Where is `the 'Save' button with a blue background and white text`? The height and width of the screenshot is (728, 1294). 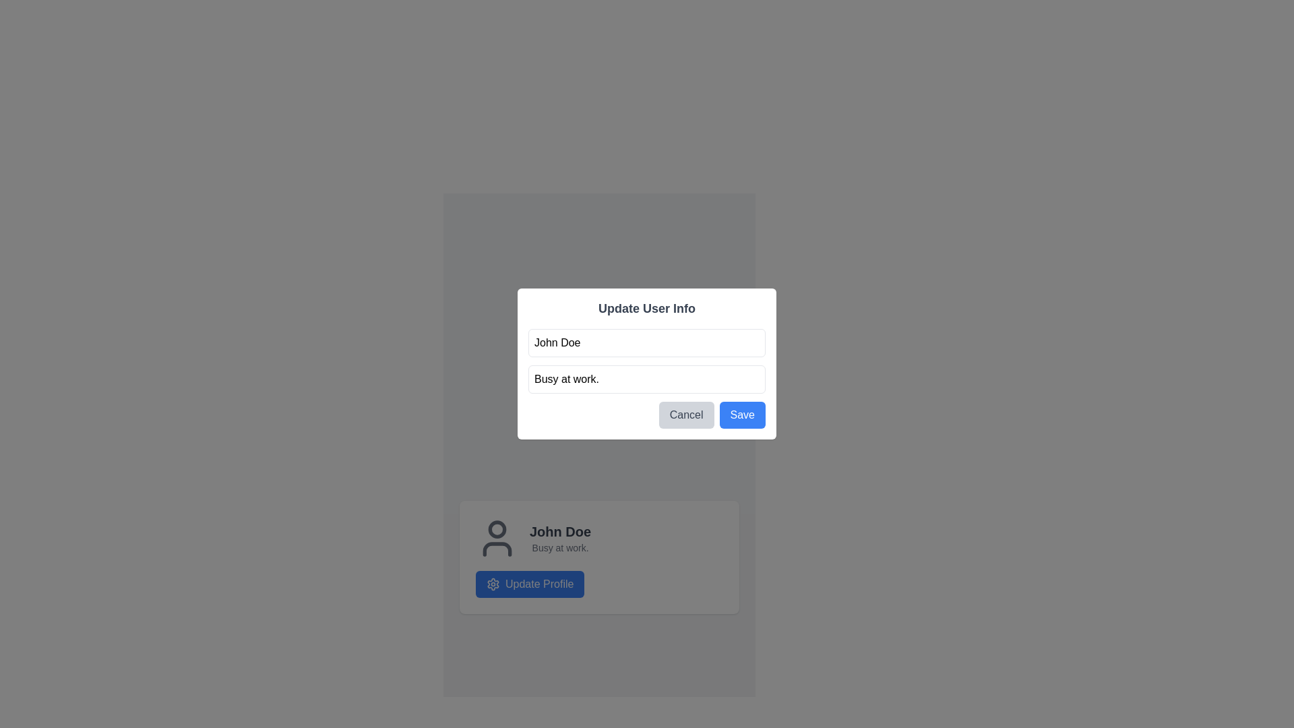 the 'Save' button with a blue background and white text is located at coordinates (741, 415).